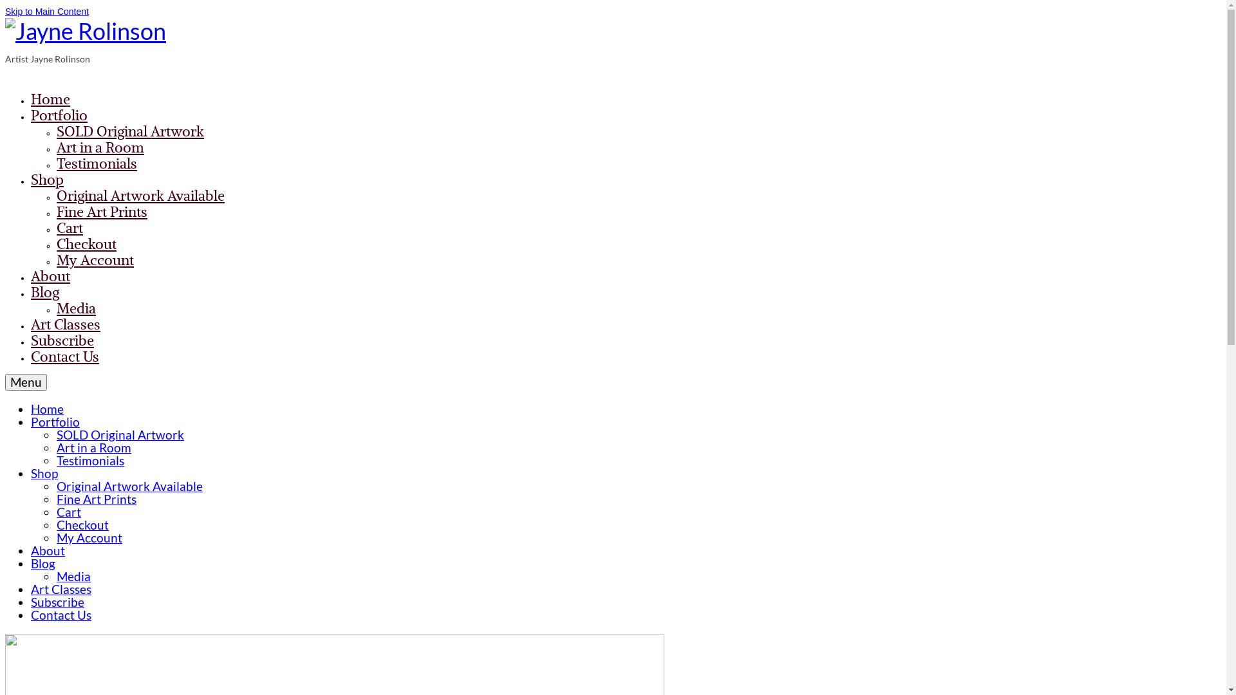  Describe the element at coordinates (61, 339) in the screenshot. I see `'Subscribe'` at that location.